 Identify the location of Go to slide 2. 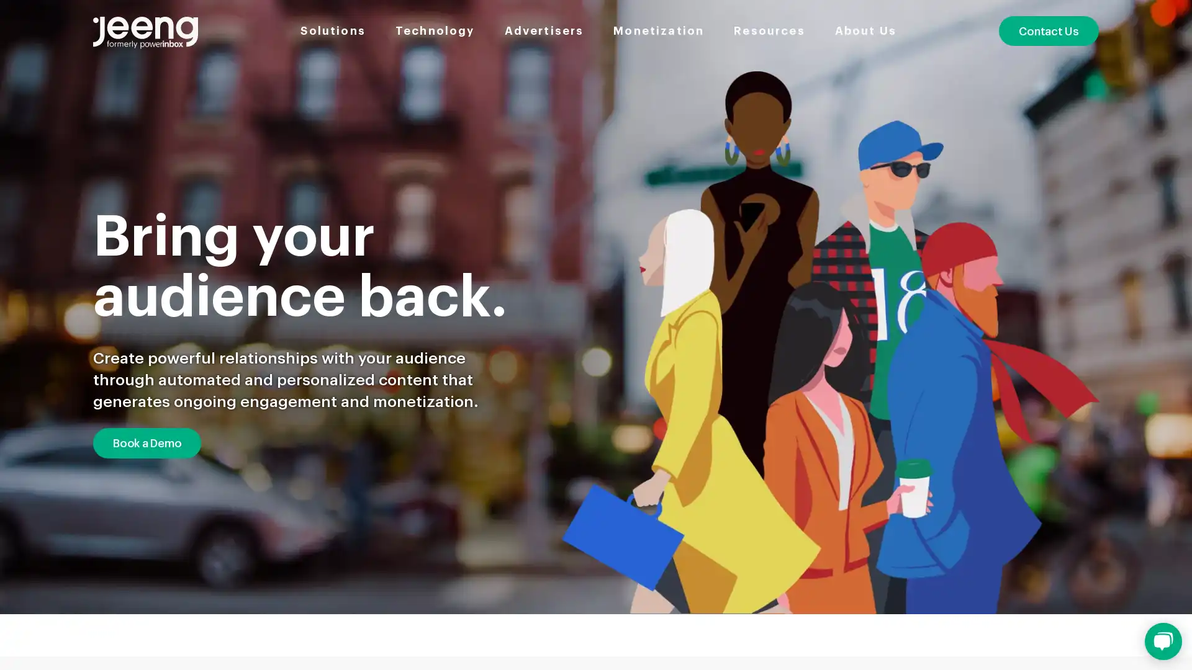
(577, 629).